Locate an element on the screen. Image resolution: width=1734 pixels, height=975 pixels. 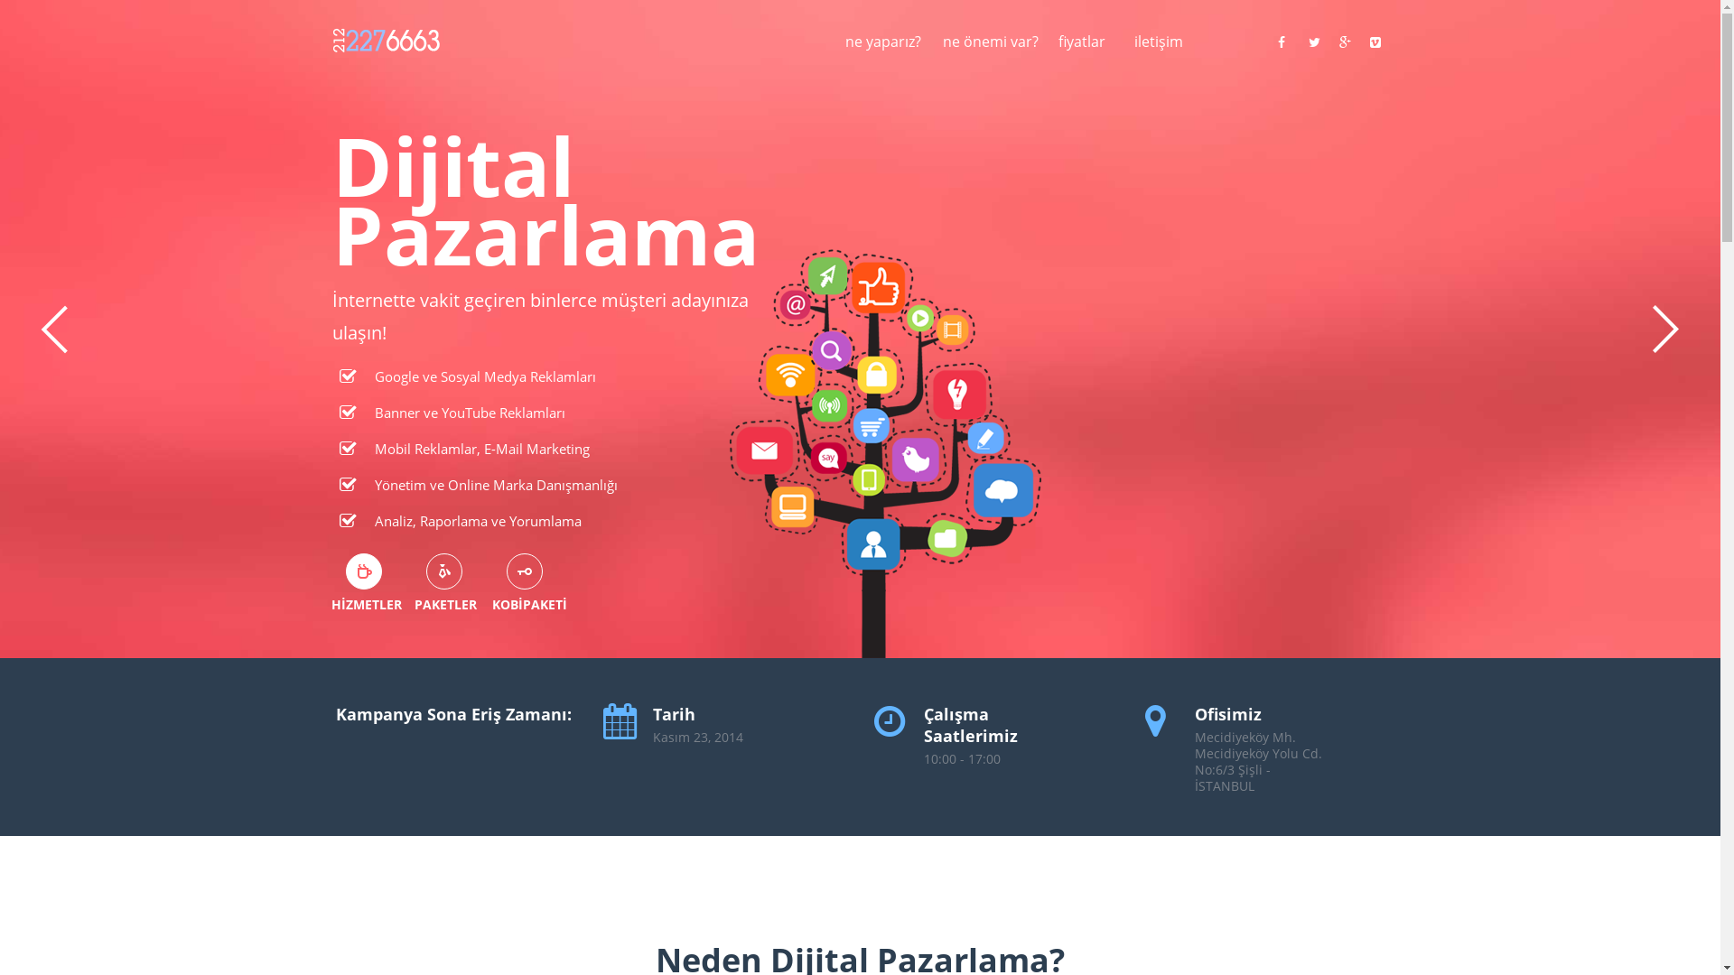
'HIZMETLER' is located at coordinates (362, 571).